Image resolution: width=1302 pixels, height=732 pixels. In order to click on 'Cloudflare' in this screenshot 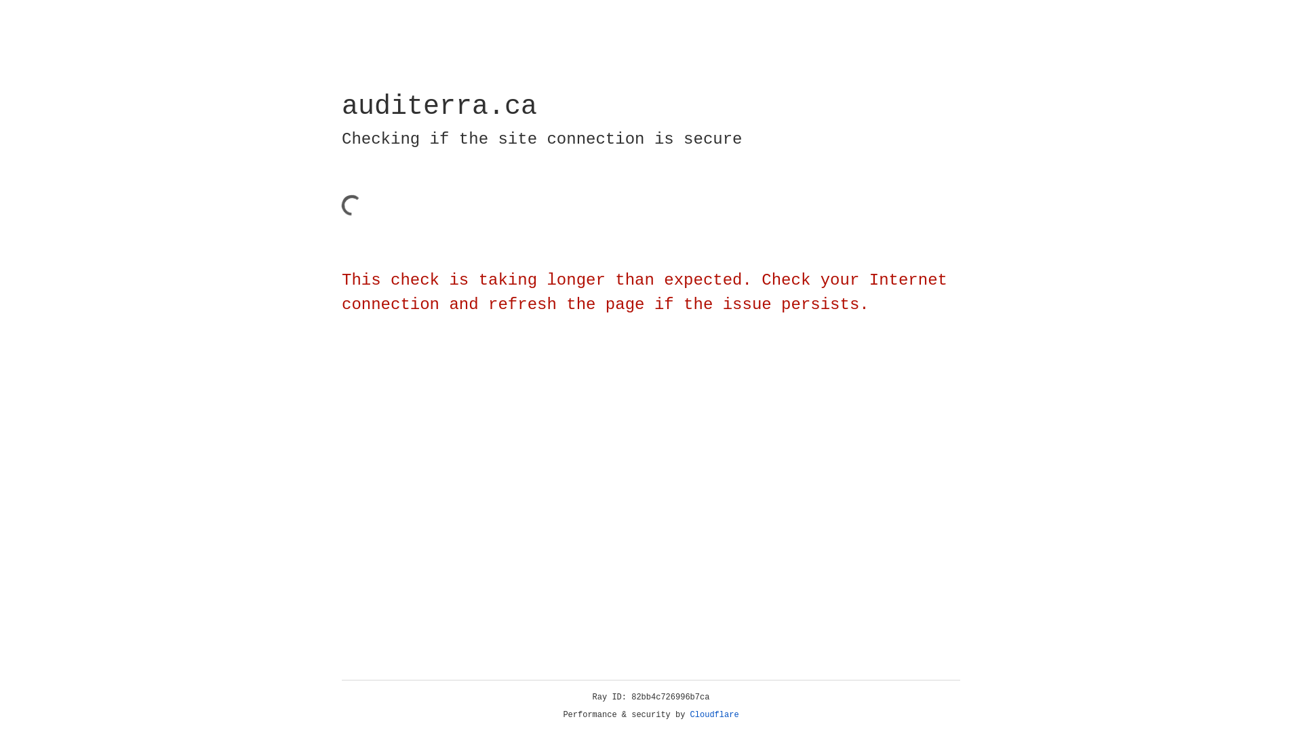, I will do `click(690, 714)`.